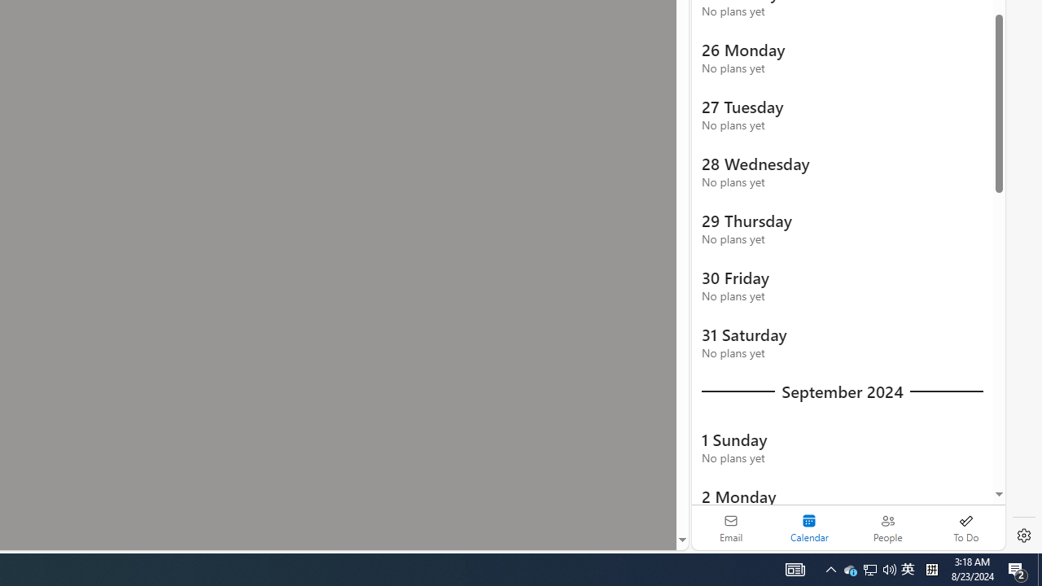 This screenshot has width=1042, height=586. I want to click on 'Selected calendar module. Date today is 22', so click(809, 527).